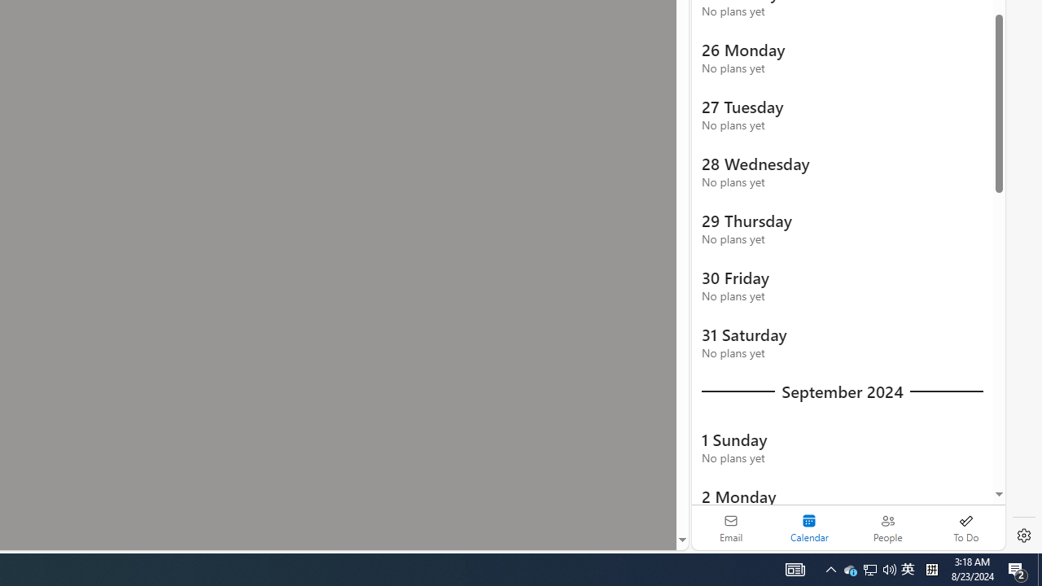 This screenshot has width=1042, height=586. I want to click on 'Selected calendar module. Date today is 22', so click(809, 527).